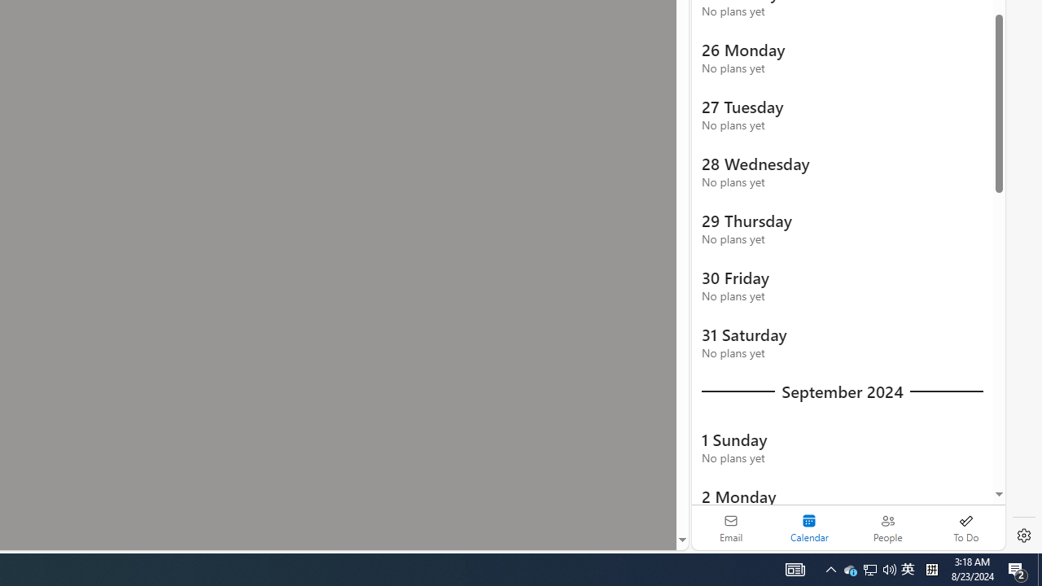 This screenshot has width=1042, height=586. I want to click on 'Selected calendar module. Date today is 22', so click(809, 527).